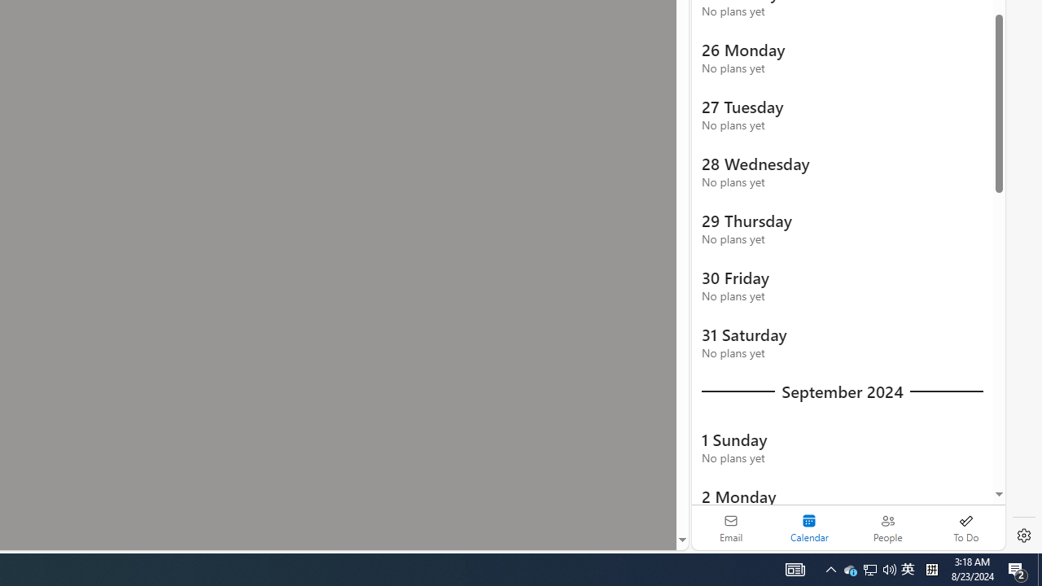 This screenshot has width=1042, height=586. I want to click on 'Selected calendar module. Date today is 22', so click(809, 527).